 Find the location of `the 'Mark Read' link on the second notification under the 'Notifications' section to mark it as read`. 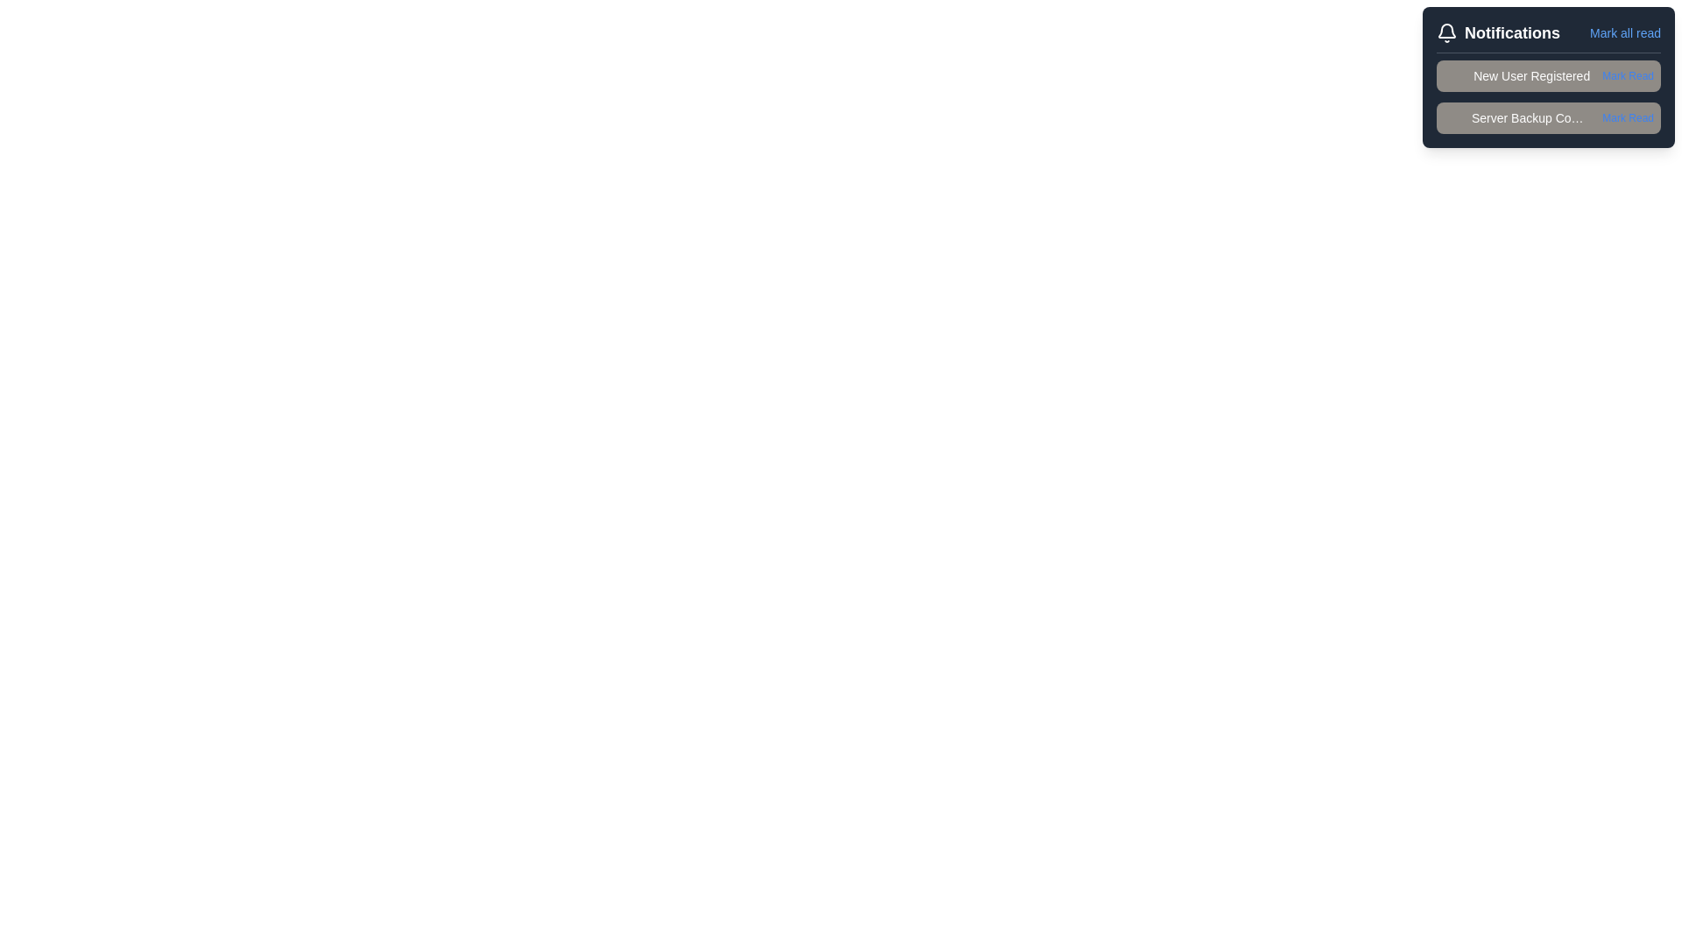

the 'Mark Read' link on the second notification under the 'Notifications' section to mark it as read is located at coordinates (1548, 97).